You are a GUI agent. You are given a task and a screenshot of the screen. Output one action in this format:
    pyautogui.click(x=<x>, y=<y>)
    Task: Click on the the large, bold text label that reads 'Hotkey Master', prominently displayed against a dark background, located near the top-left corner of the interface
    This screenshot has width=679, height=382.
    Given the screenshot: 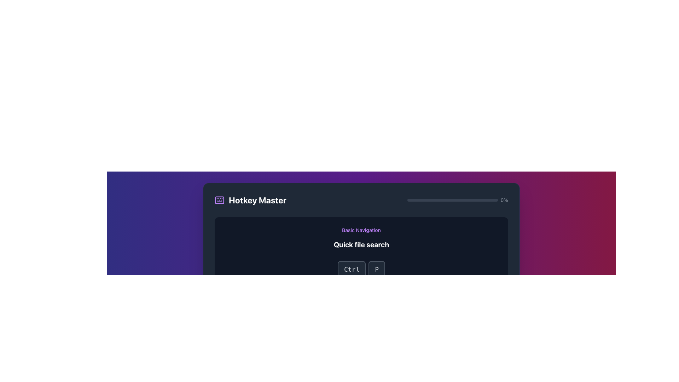 What is the action you would take?
    pyautogui.click(x=257, y=200)
    